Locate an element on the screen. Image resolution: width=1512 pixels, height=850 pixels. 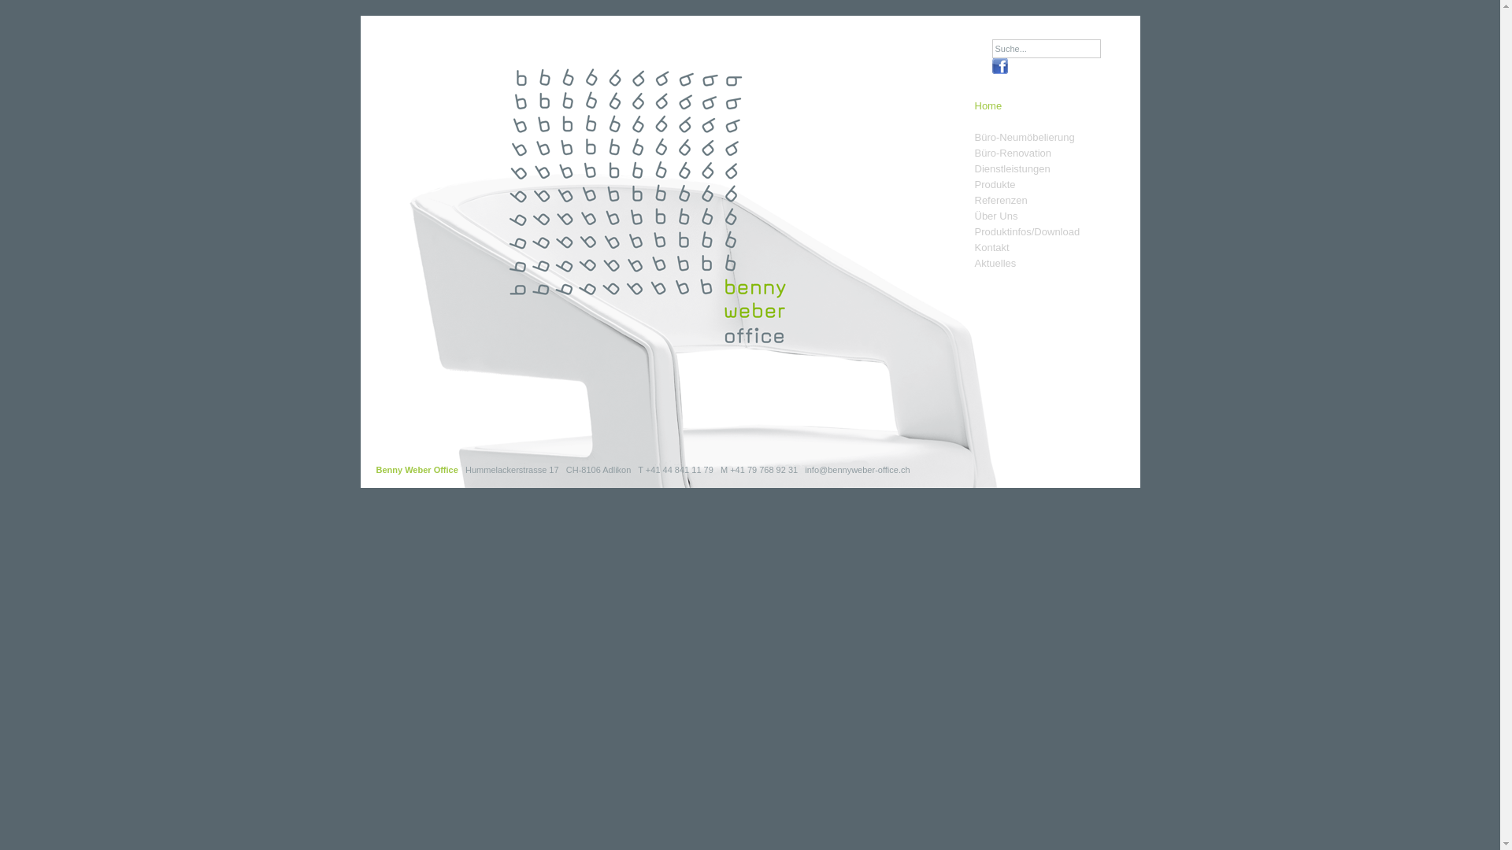
'Home' is located at coordinates (988, 113).